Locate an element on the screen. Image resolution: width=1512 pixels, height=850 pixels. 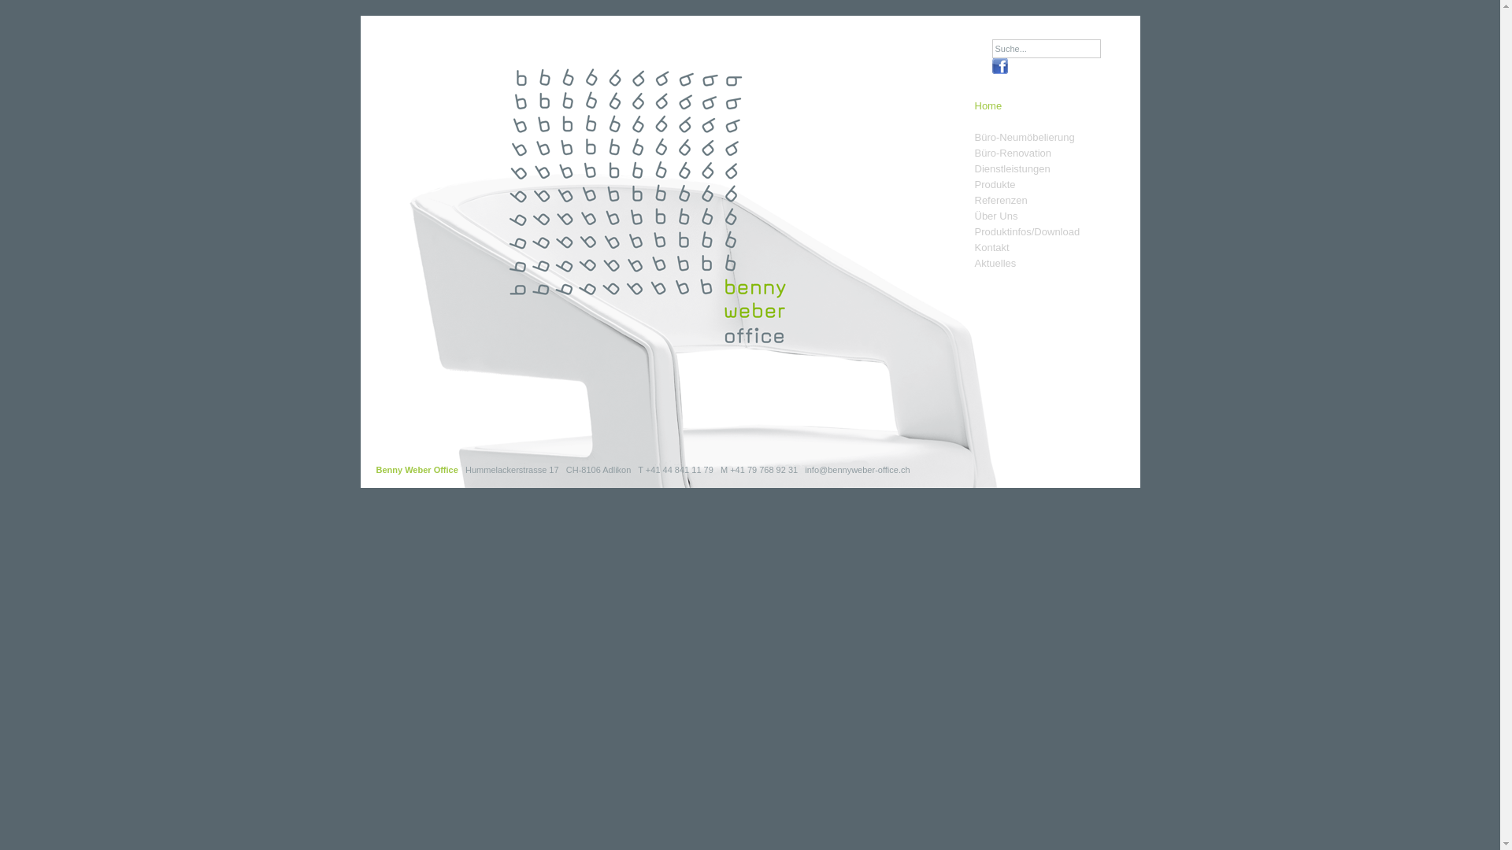
'Home' is located at coordinates (988, 113).